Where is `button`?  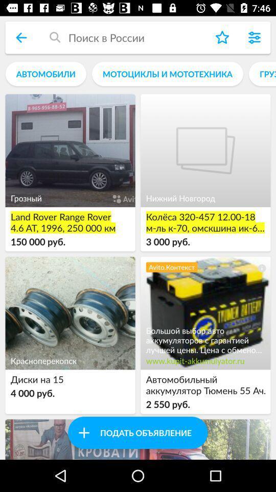 button is located at coordinates (83, 432).